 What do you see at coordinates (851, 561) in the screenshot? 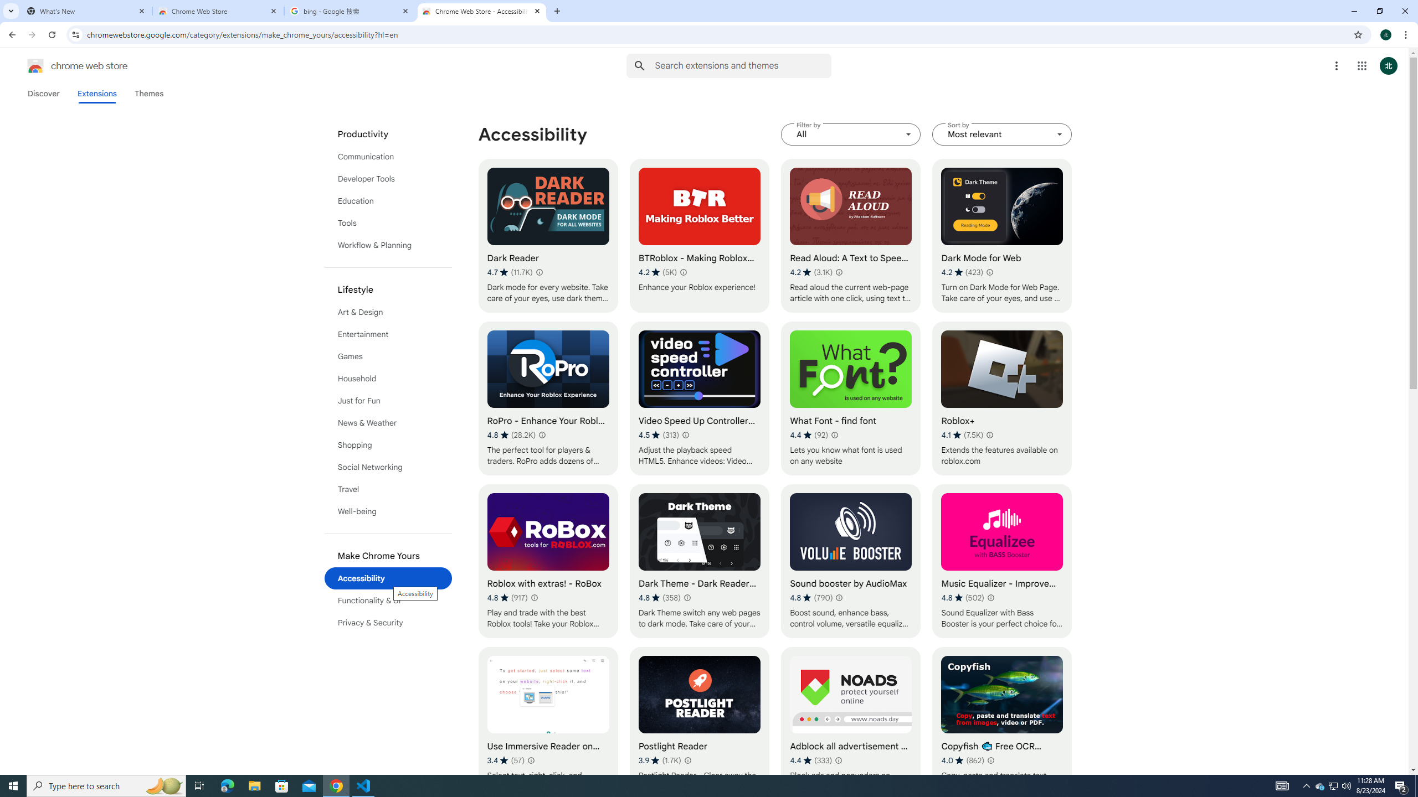
I see `'Sound booster by AudioMax'` at bounding box center [851, 561].